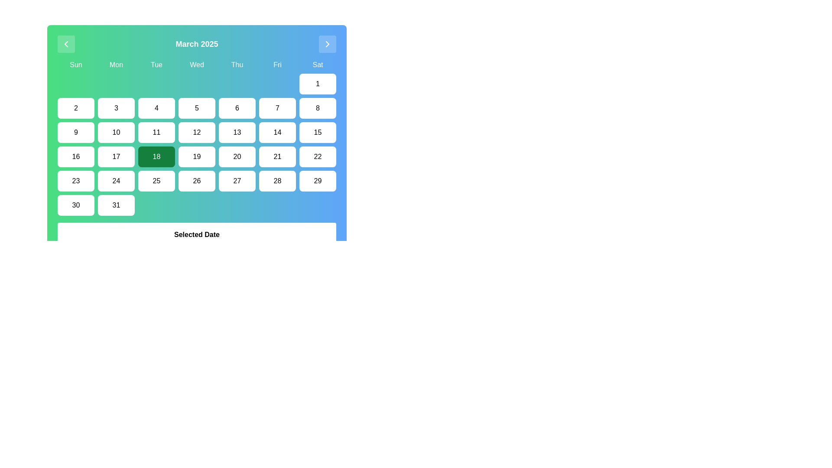  Describe the element at coordinates (66, 44) in the screenshot. I see `the navigation button that switches the calendar view to the previous month, located in the top-left corner of the header displaying 'March 2025'` at that location.